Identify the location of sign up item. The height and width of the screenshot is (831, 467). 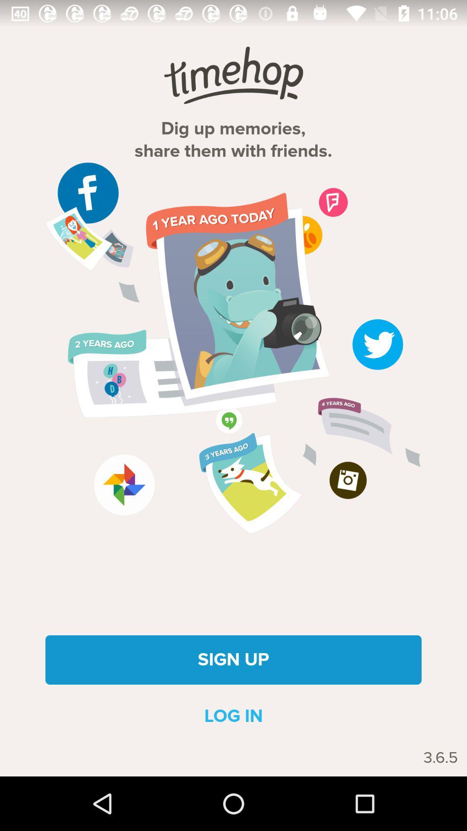
(233, 659).